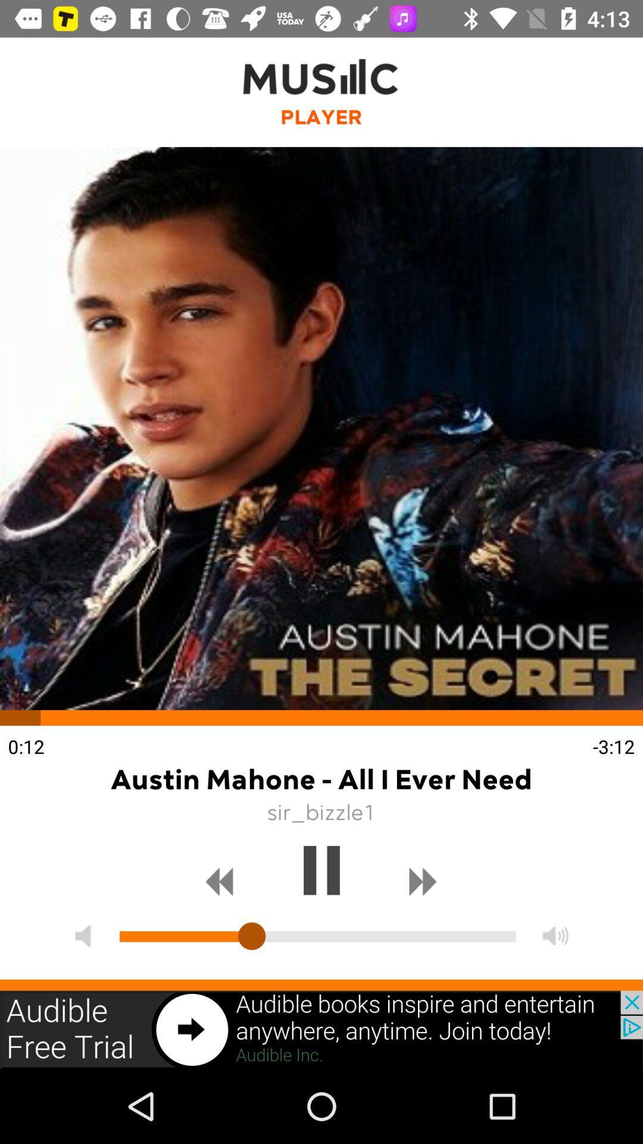 The height and width of the screenshot is (1144, 643). What do you see at coordinates (422, 882) in the screenshot?
I see `skip button` at bounding box center [422, 882].